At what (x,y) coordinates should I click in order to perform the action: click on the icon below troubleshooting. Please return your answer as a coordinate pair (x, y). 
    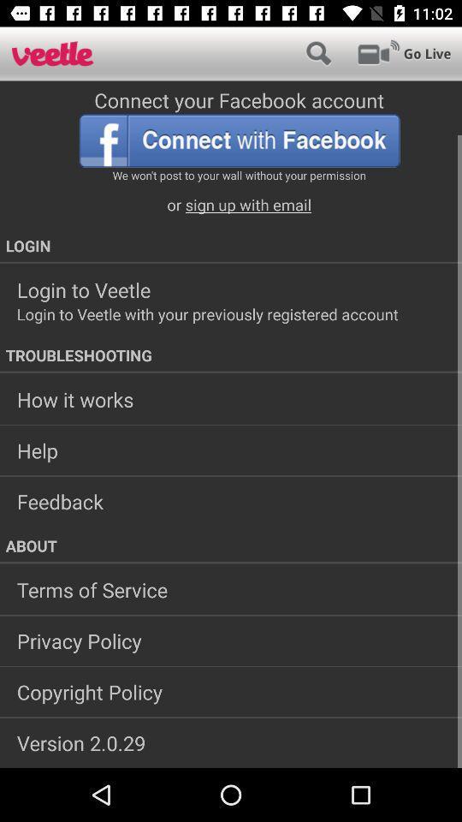
    Looking at the image, I should click on (231, 399).